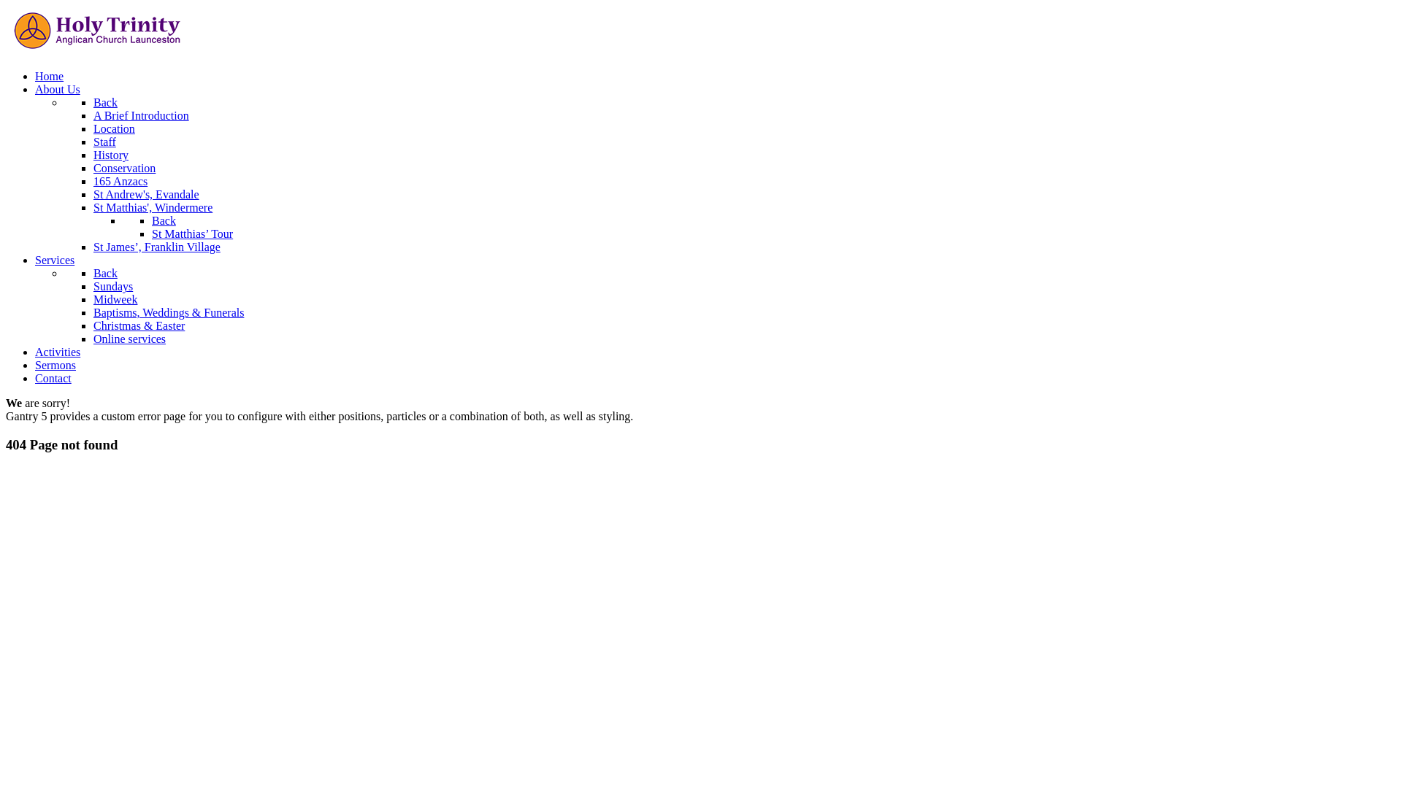 The image size is (1402, 788). What do you see at coordinates (129, 339) in the screenshot?
I see `'Online services'` at bounding box center [129, 339].